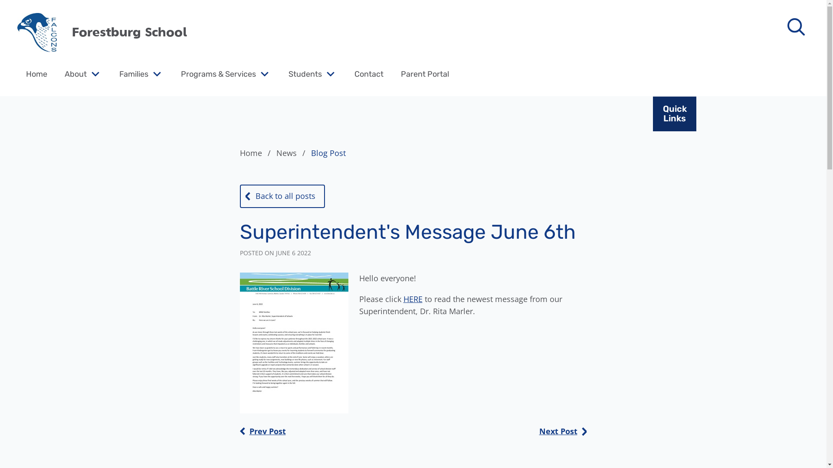 This screenshot has height=468, width=833. I want to click on 'Parent Portal', so click(425, 73).